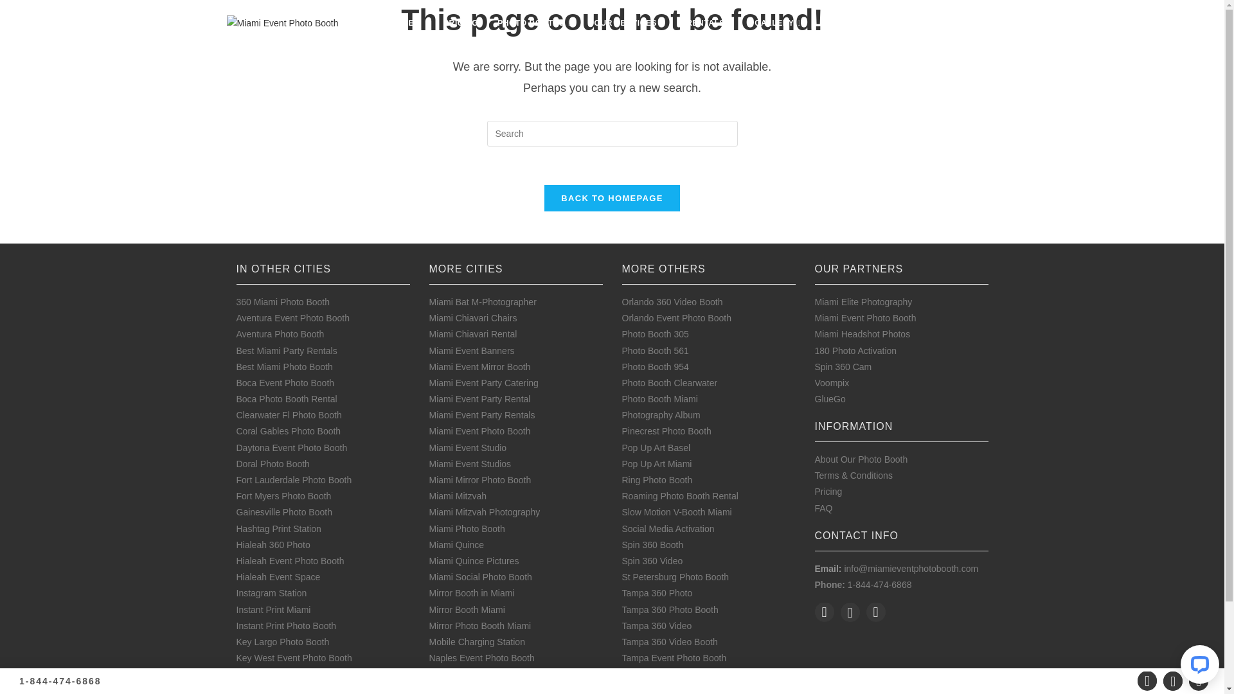 The image size is (1234, 694). What do you see at coordinates (293, 480) in the screenshot?
I see `'Fort Lauderdale Photo Booth'` at bounding box center [293, 480].